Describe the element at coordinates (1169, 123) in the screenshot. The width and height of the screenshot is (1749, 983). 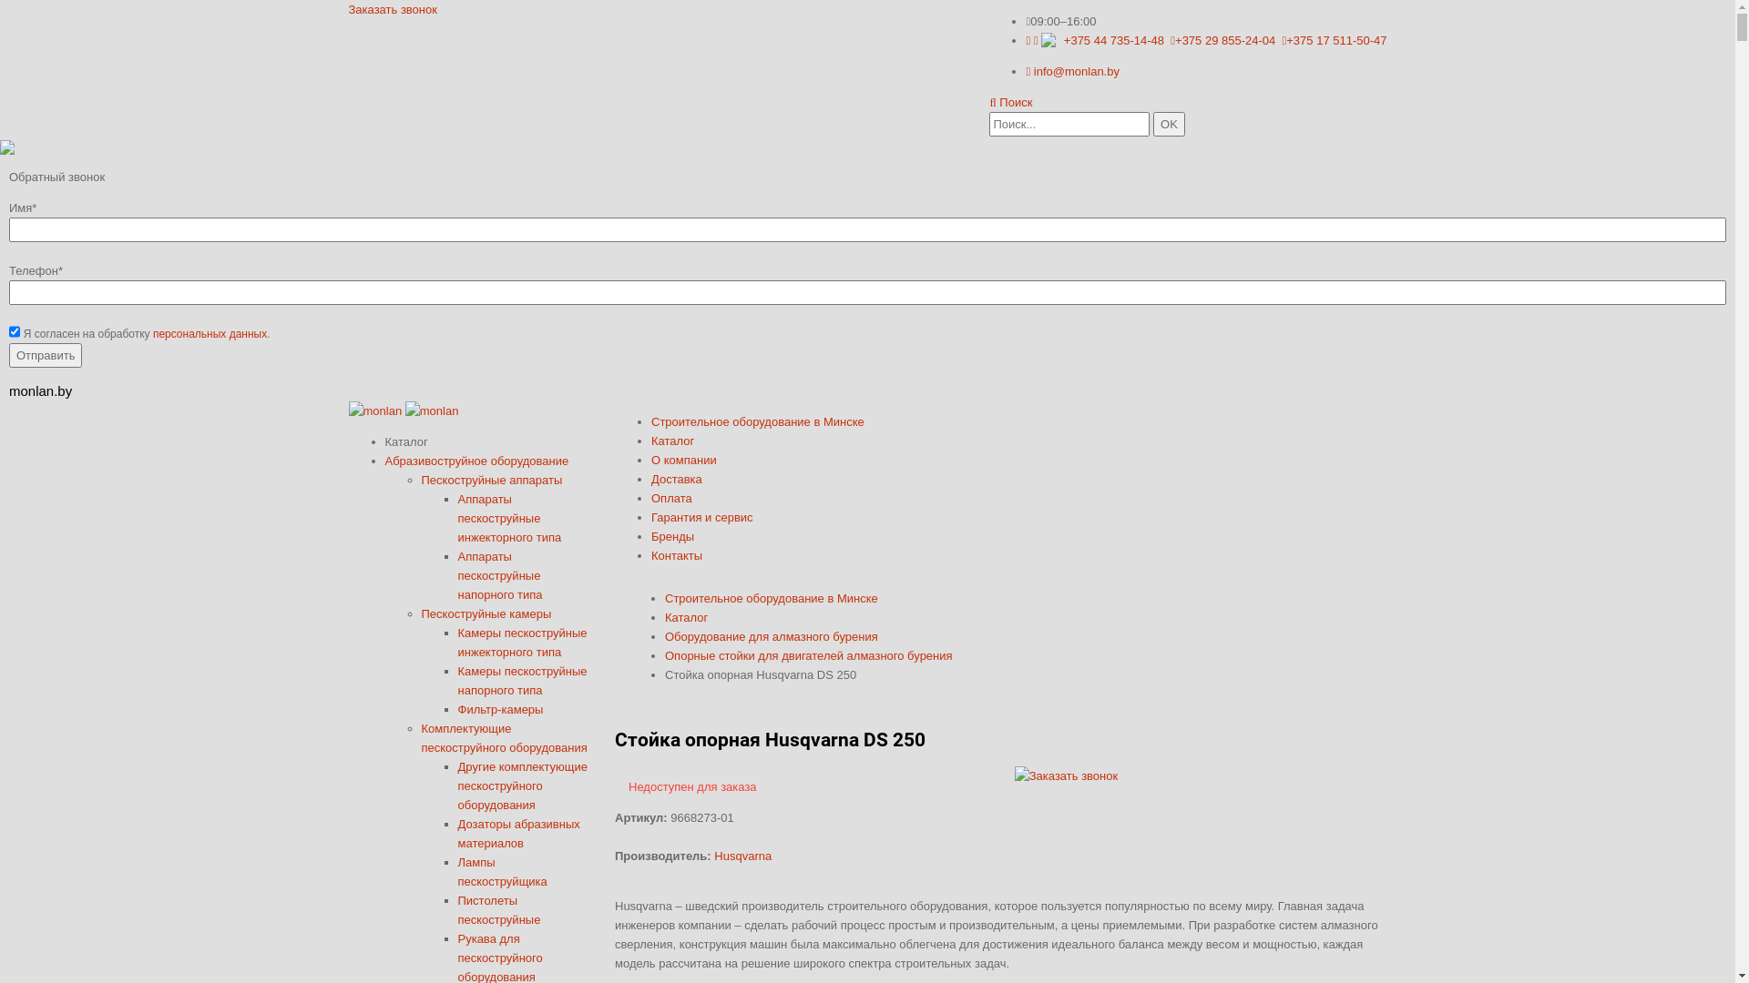
I see `'OK'` at that location.